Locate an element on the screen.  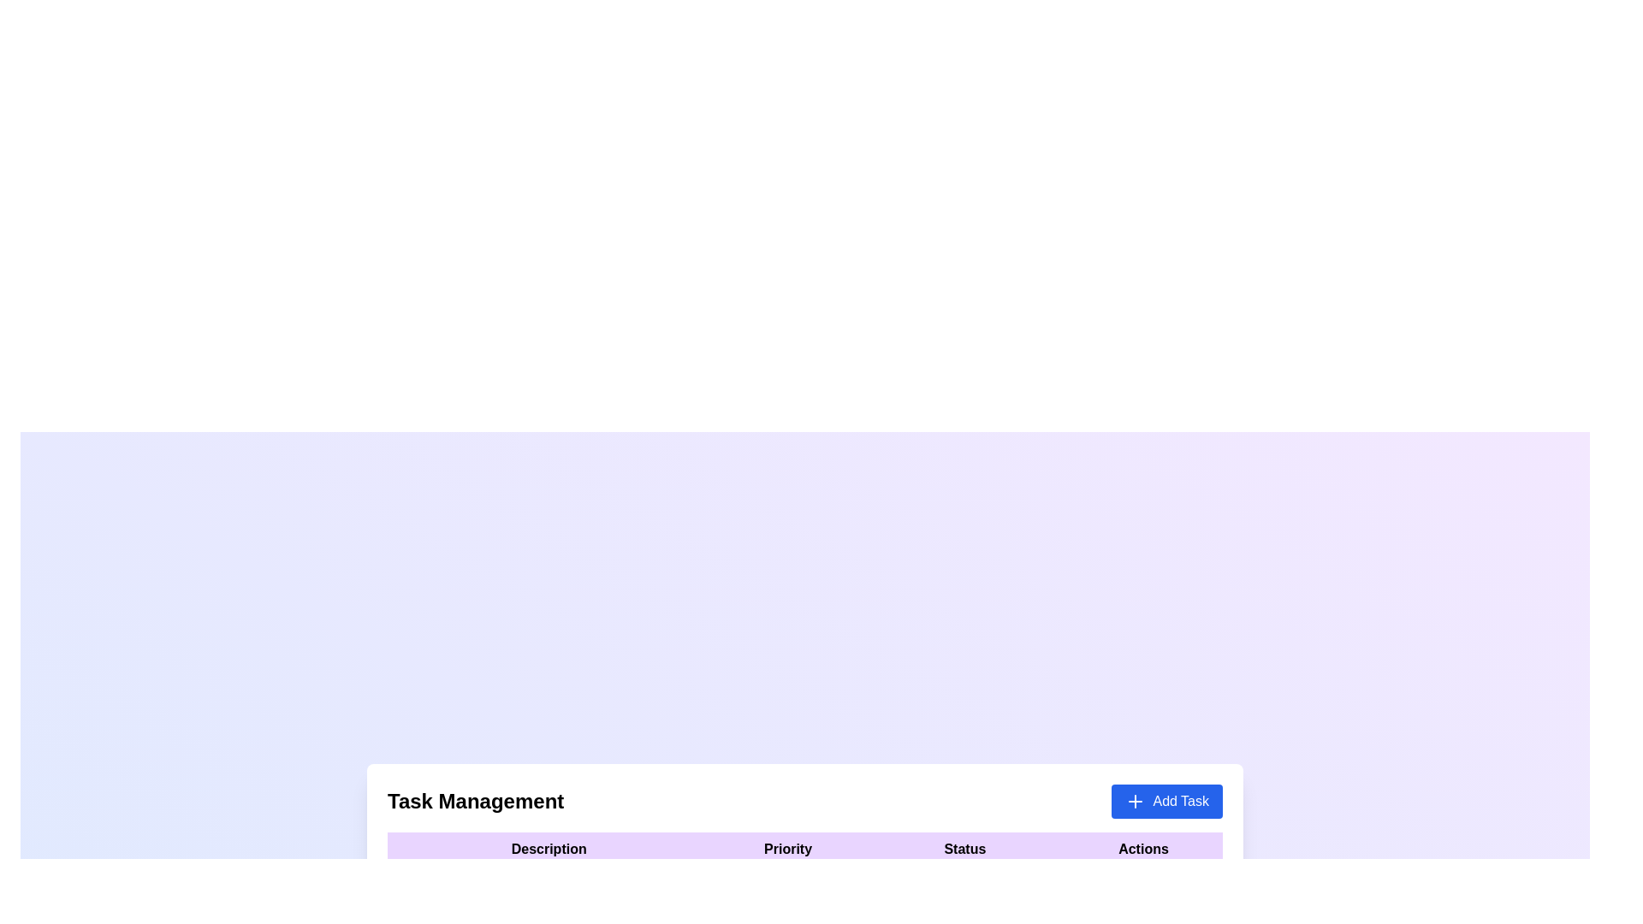
the 'Task Management' text heading to select it is located at coordinates (476, 802).